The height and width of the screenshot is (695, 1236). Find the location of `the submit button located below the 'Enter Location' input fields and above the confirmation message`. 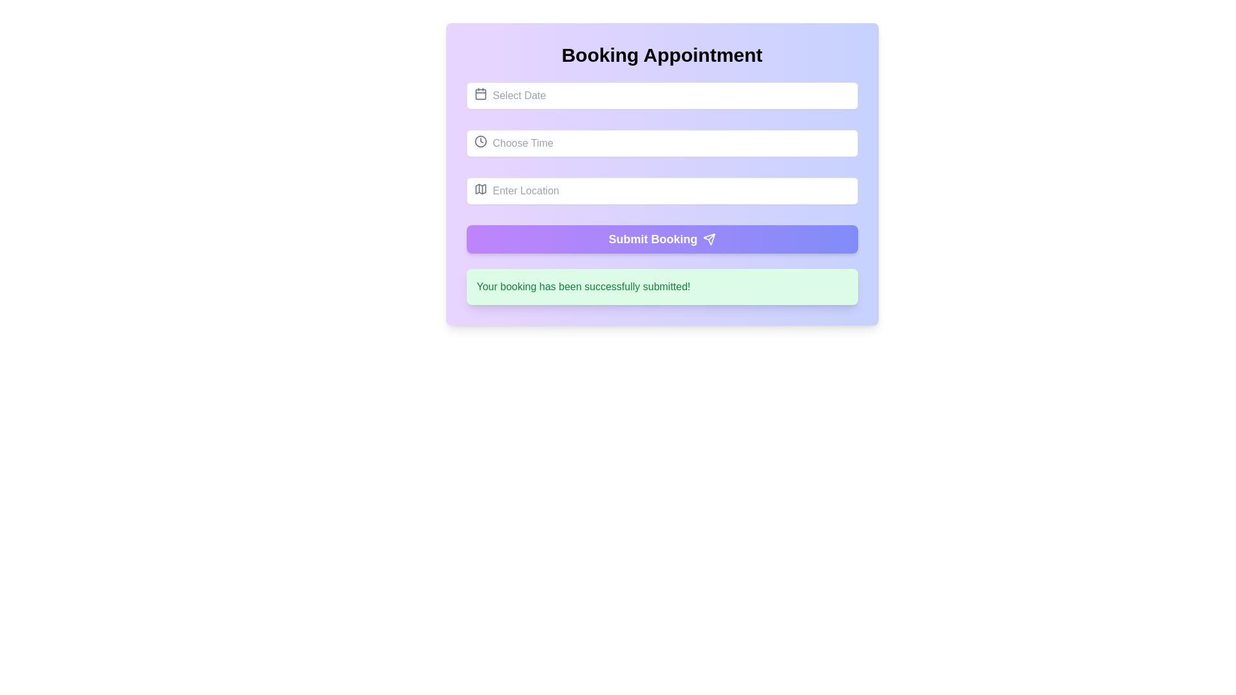

the submit button located below the 'Enter Location' input fields and above the confirmation message is located at coordinates (662, 239).